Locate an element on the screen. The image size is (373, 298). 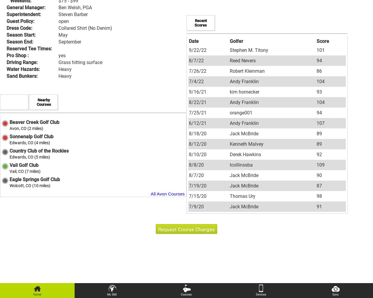
'May' is located at coordinates (63, 35).